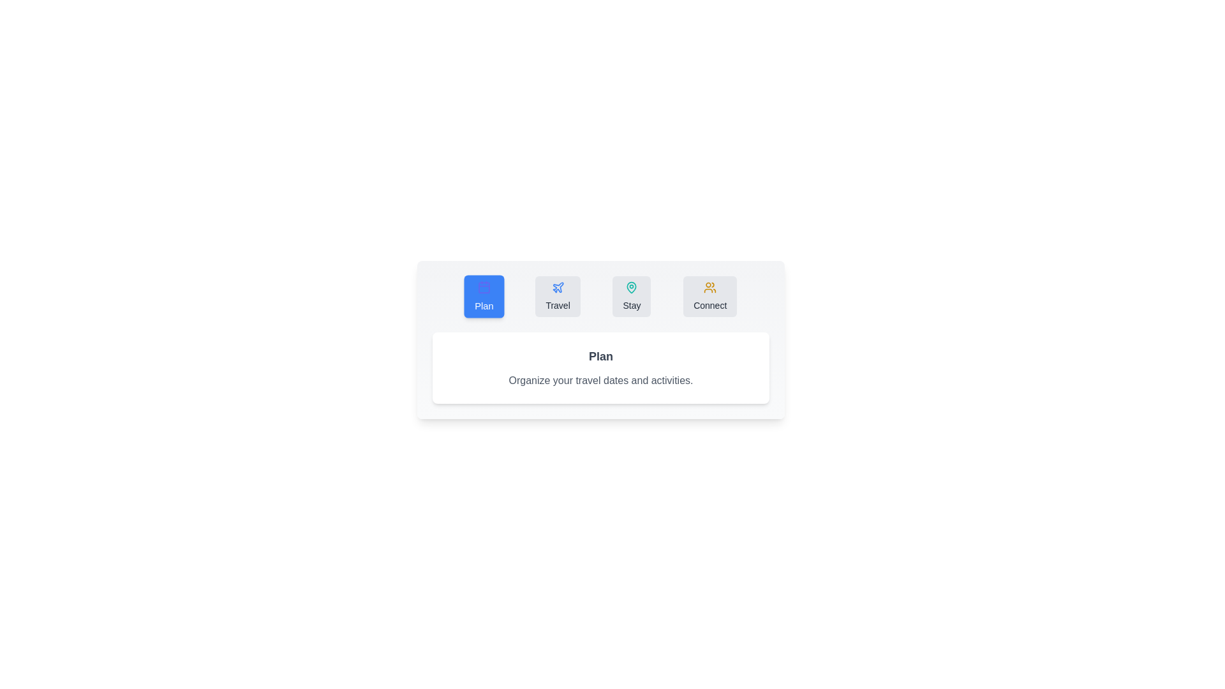 The width and height of the screenshot is (1225, 689). What do you see at coordinates (483, 297) in the screenshot?
I see `the Plan tab to navigate to its content` at bounding box center [483, 297].